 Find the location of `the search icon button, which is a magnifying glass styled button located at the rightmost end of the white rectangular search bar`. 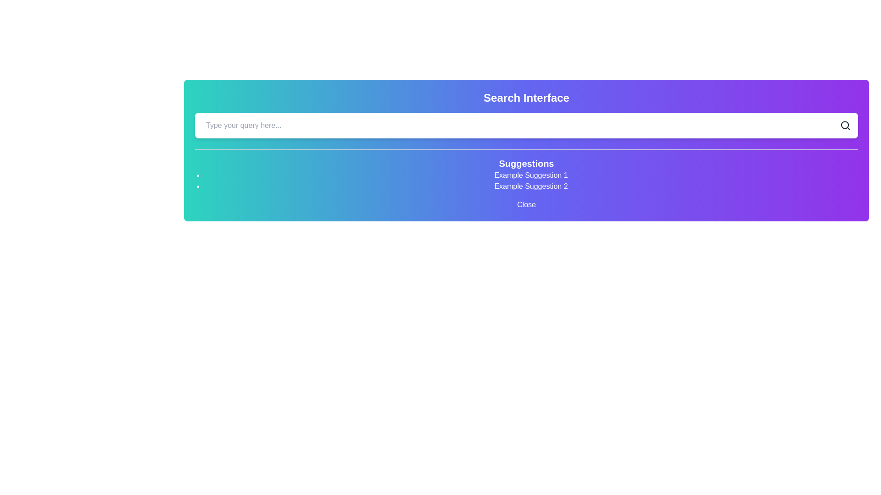

the search icon button, which is a magnifying glass styled button located at the rightmost end of the white rectangular search bar is located at coordinates (845, 125).